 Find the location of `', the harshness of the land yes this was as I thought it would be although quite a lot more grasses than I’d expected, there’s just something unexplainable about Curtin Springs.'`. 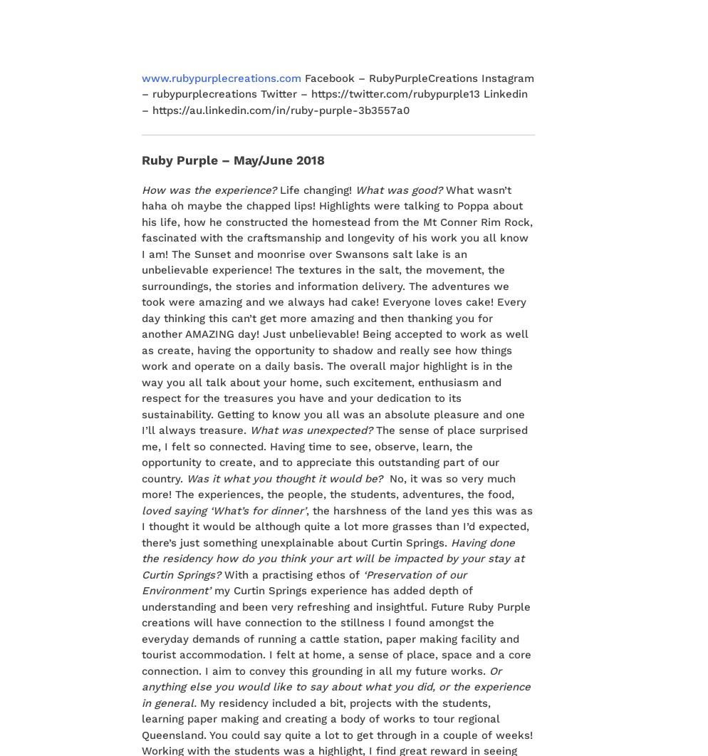

', the harshness of the land yes this was as I thought it would be although quite a lot more grasses than I’d expected, there’s just something unexplainable about Curtin Springs.' is located at coordinates (336, 526).